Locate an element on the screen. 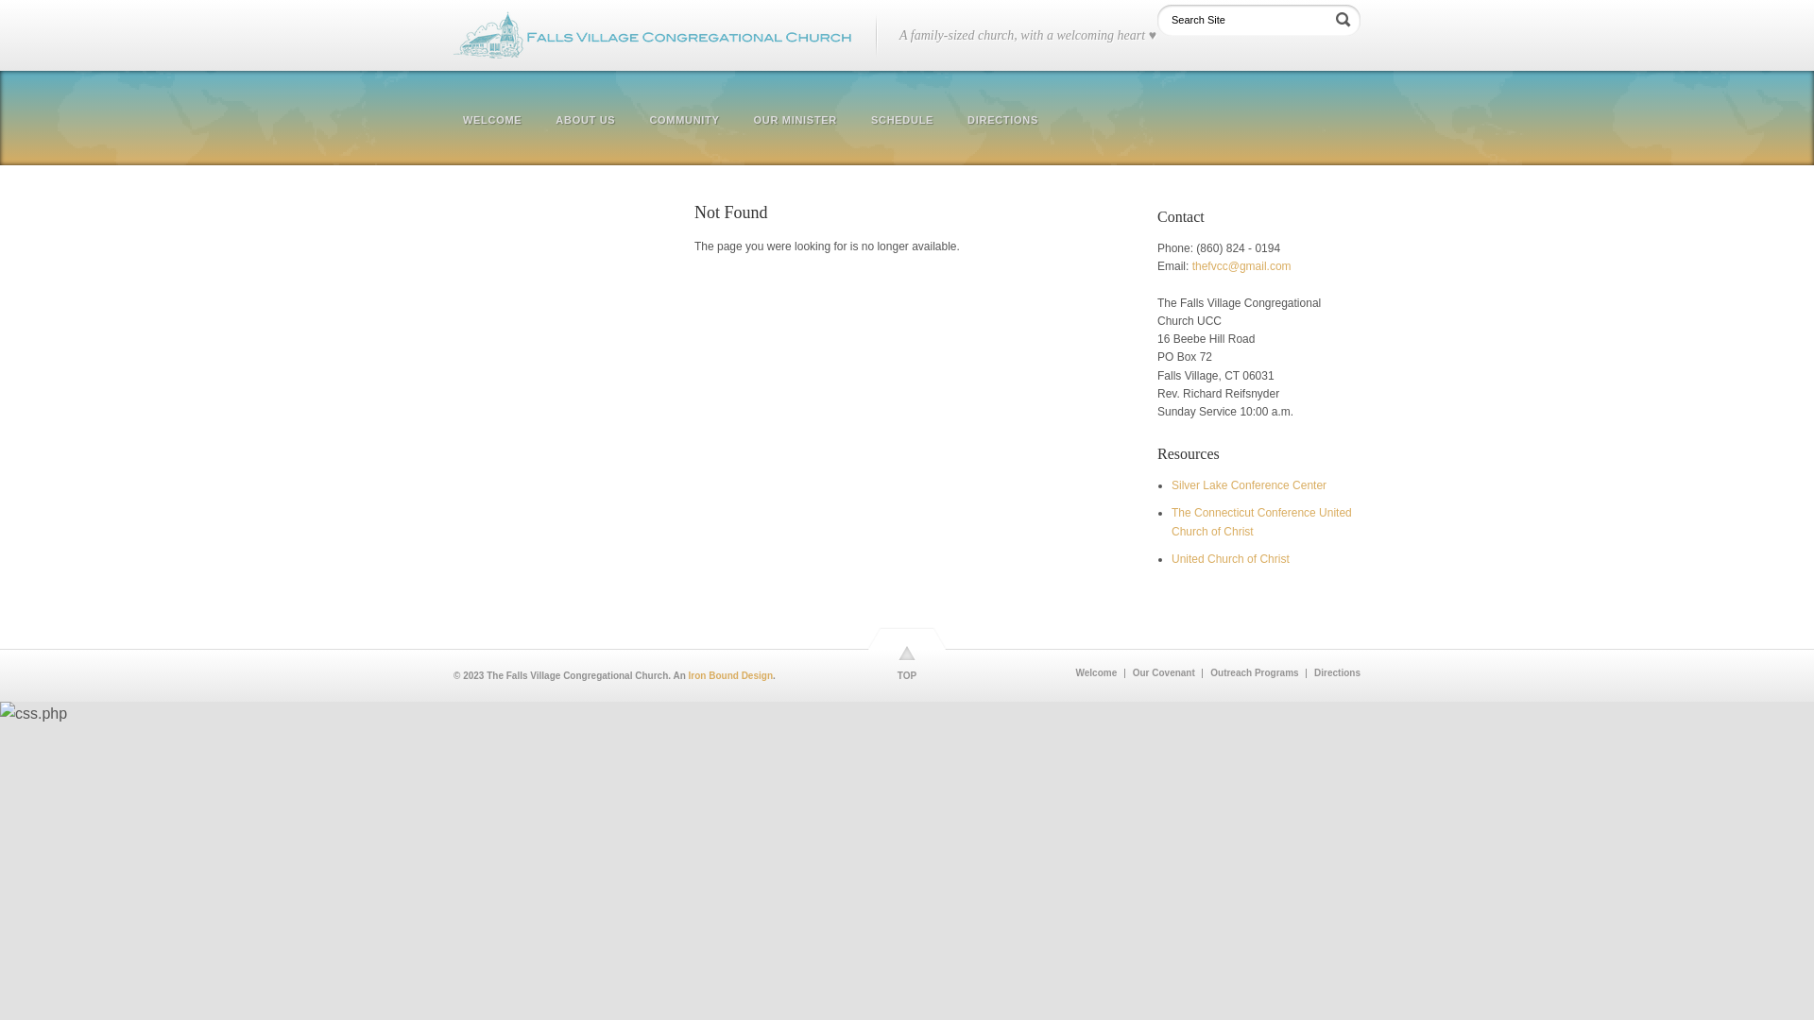 The width and height of the screenshot is (1814, 1020). 'ABOUT US' is located at coordinates (538, 120).